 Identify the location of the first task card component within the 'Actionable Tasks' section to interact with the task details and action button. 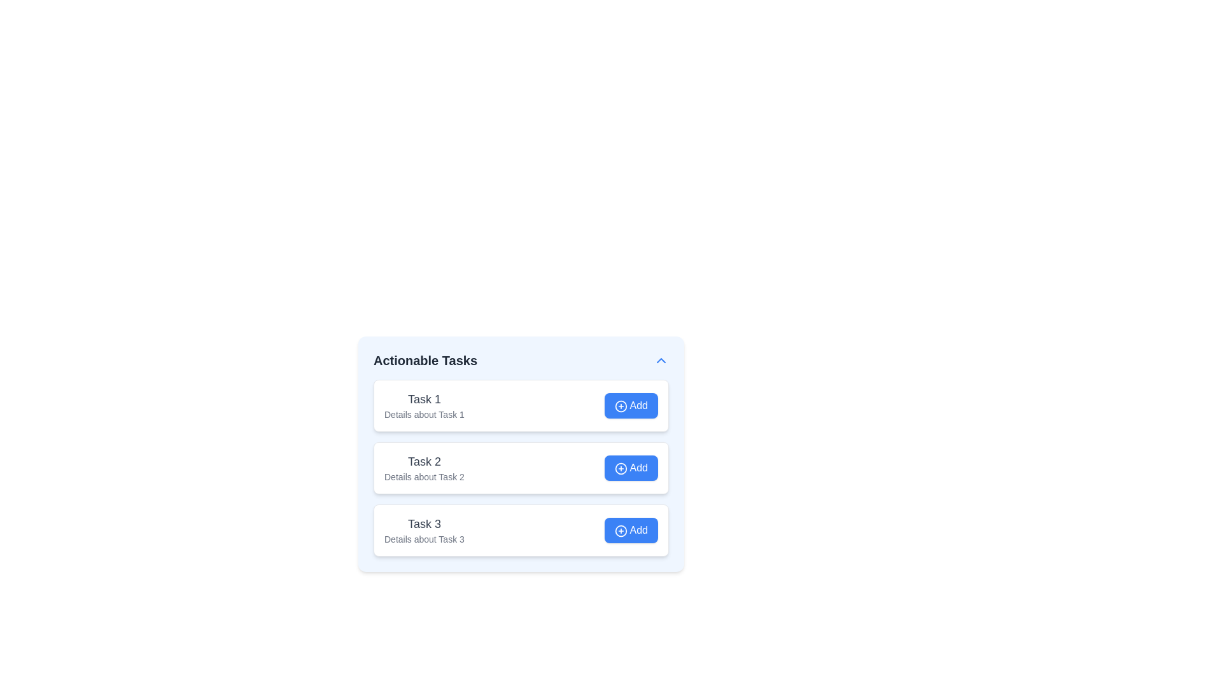
(521, 405).